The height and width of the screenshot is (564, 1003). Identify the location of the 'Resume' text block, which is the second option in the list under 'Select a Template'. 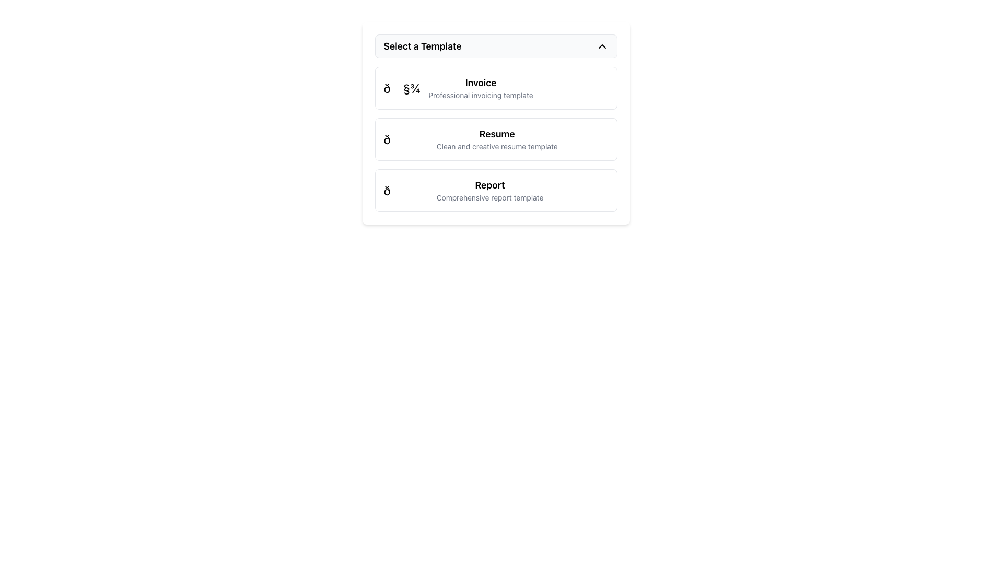
(496, 138).